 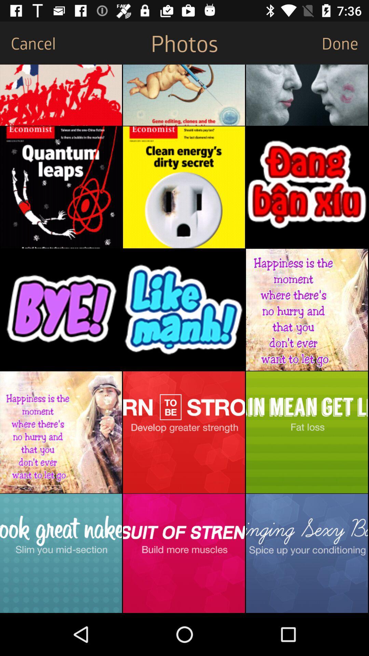 What do you see at coordinates (183, 309) in the screenshot?
I see `look at a photo` at bounding box center [183, 309].